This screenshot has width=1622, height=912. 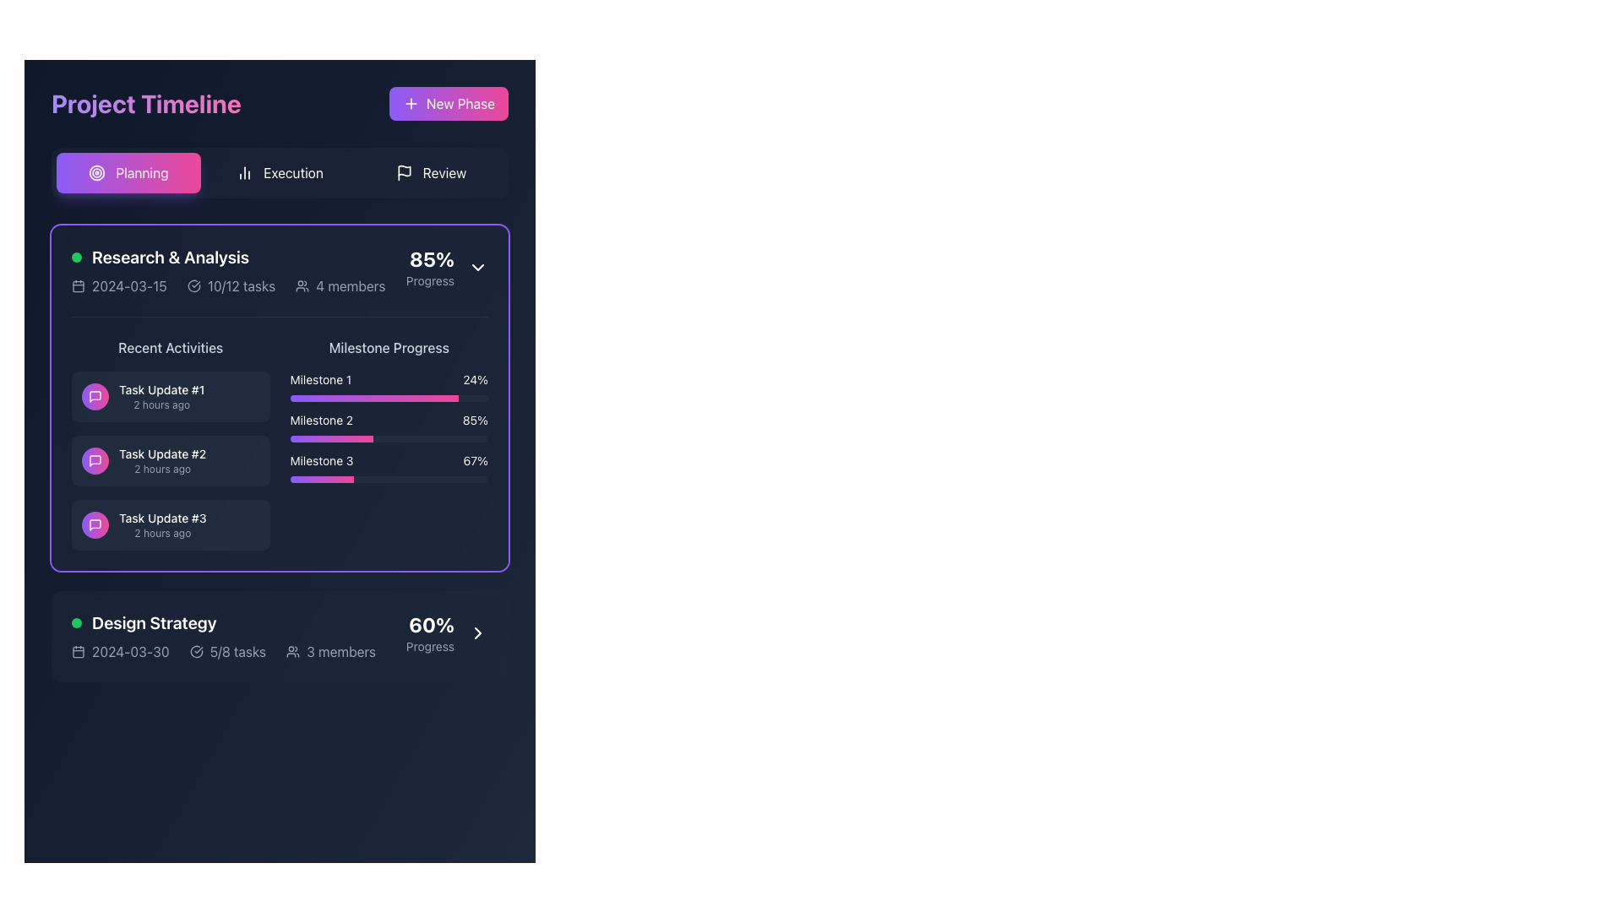 I want to click on the text label that displays the title or name of a project phase or category, so click(x=154, y=622).